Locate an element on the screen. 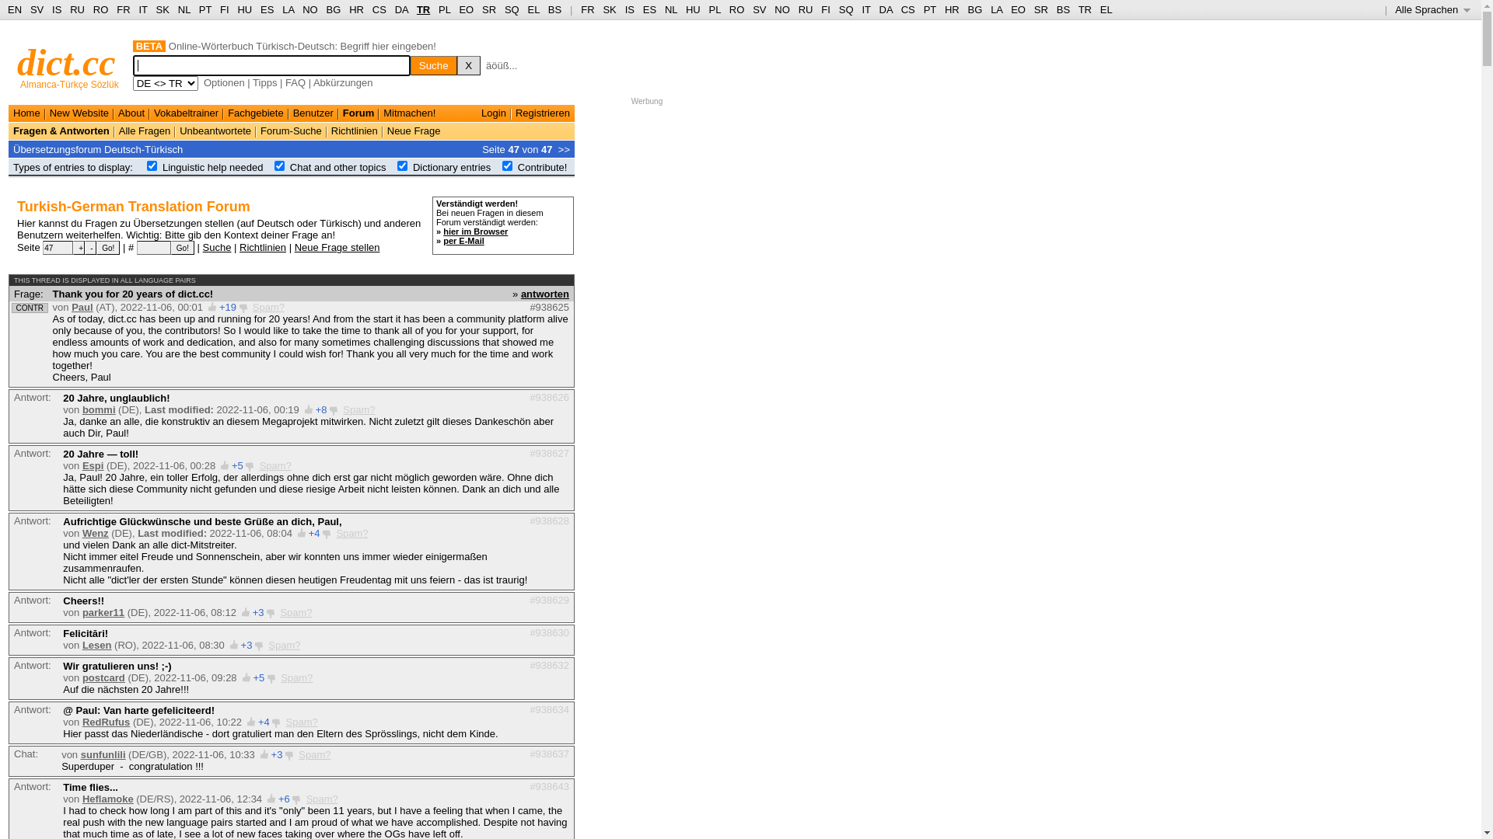 This screenshot has width=1493, height=839. 'Spam?' is located at coordinates (321, 799).